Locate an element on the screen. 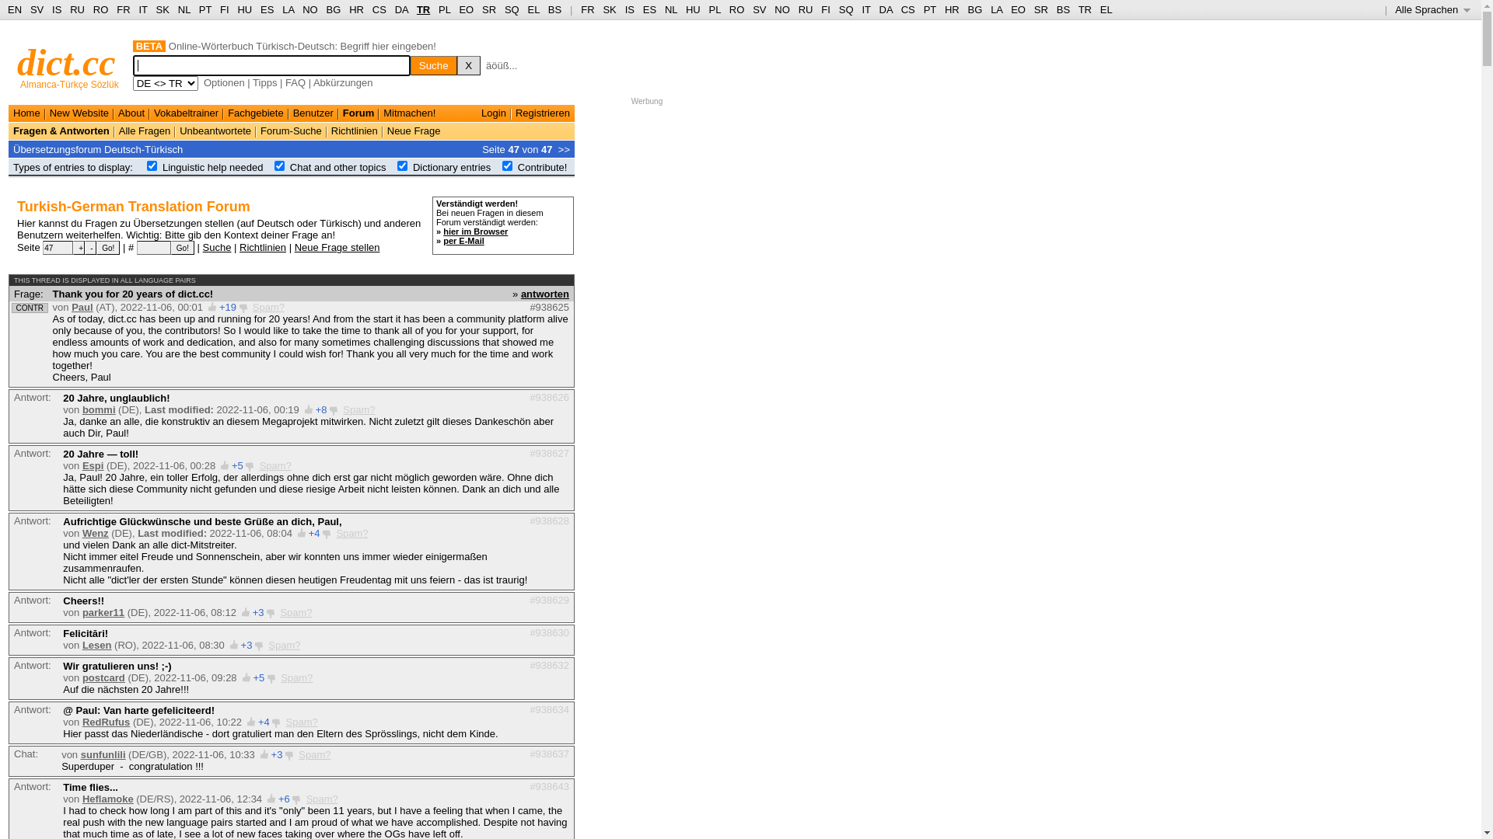 This screenshot has width=1493, height=839. 'Spam?' is located at coordinates (321, 799).